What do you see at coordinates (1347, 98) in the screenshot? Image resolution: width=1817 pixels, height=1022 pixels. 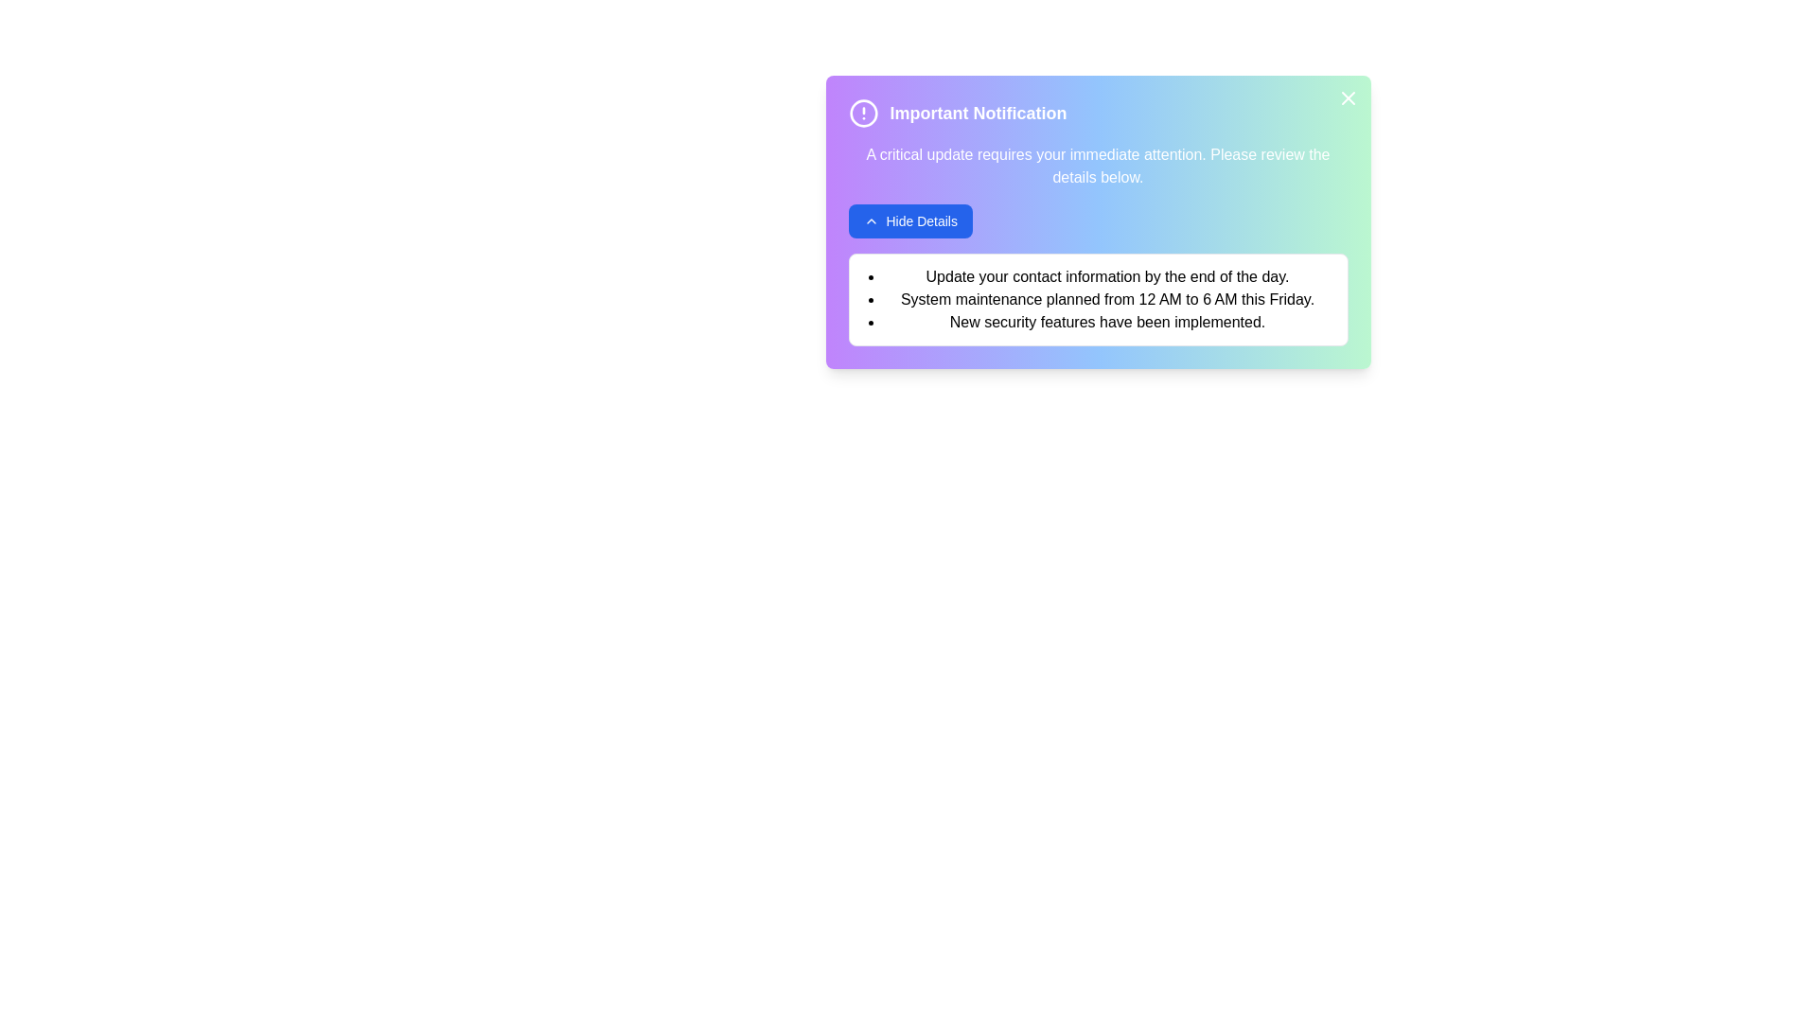 I see `the interactive elements: close_button` at bounding box center [1347, 98].